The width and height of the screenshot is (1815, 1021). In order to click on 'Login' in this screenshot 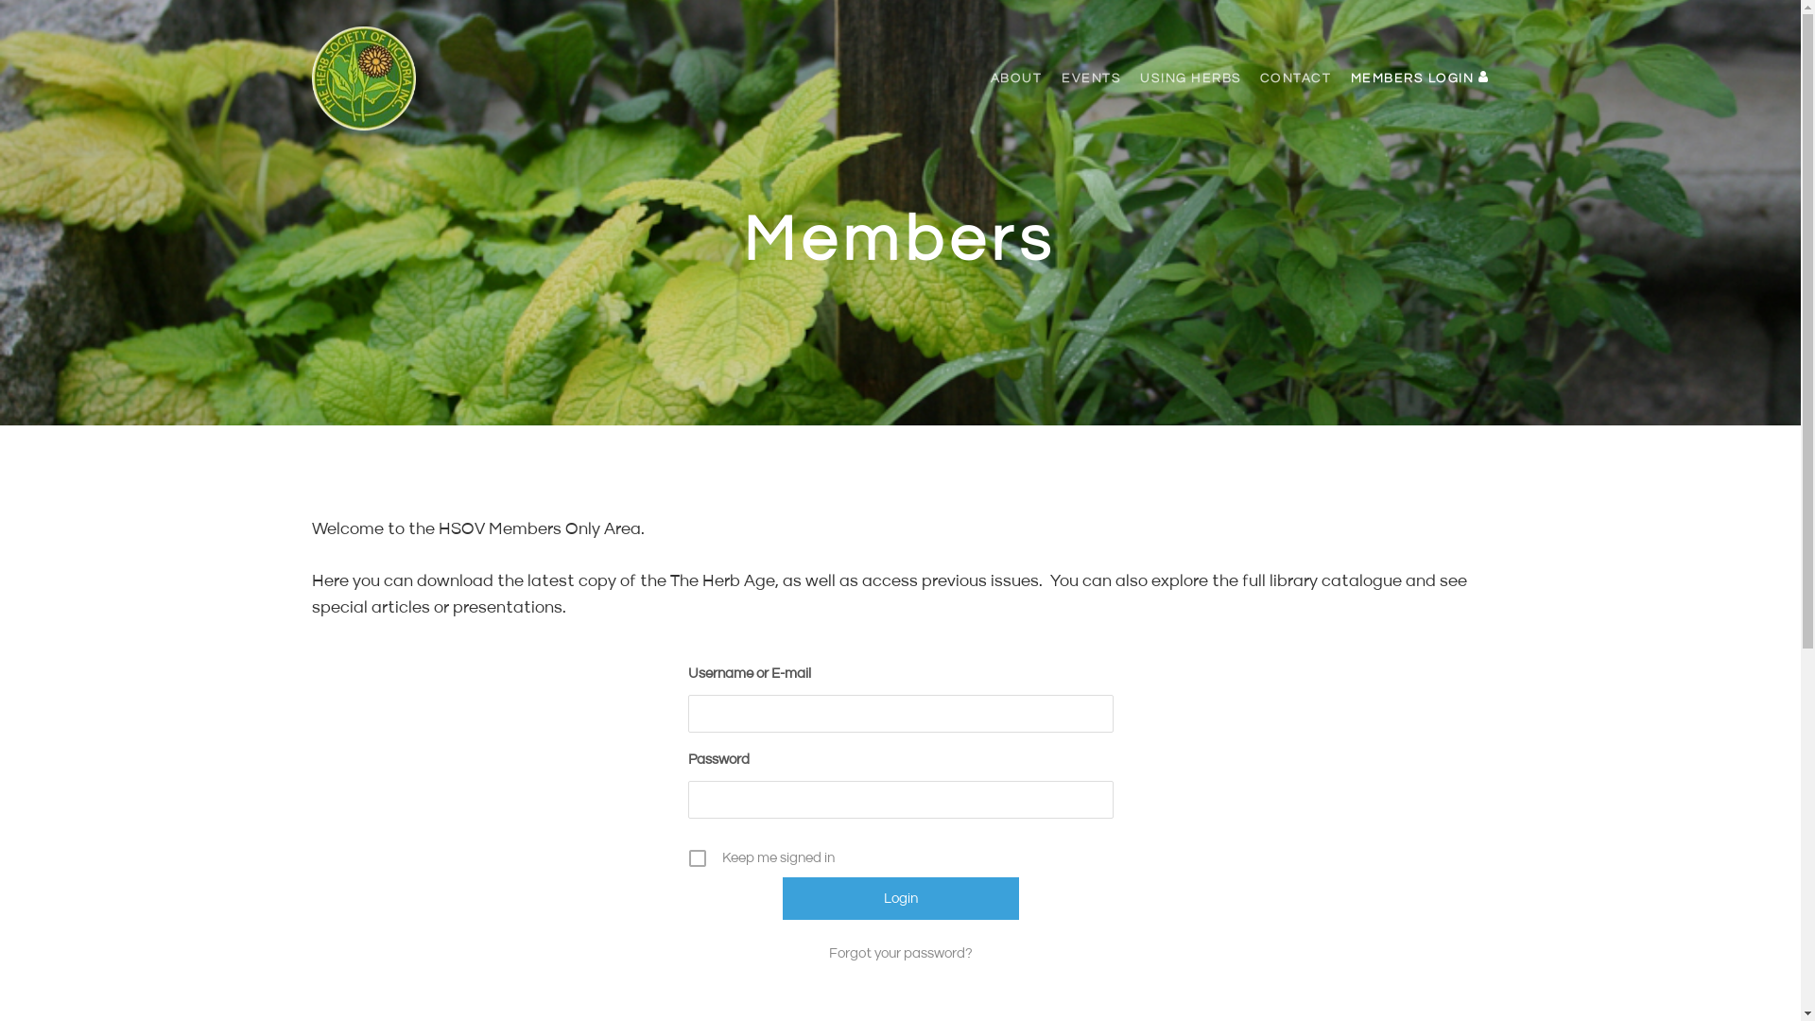, I will do `click(900, 897)`.